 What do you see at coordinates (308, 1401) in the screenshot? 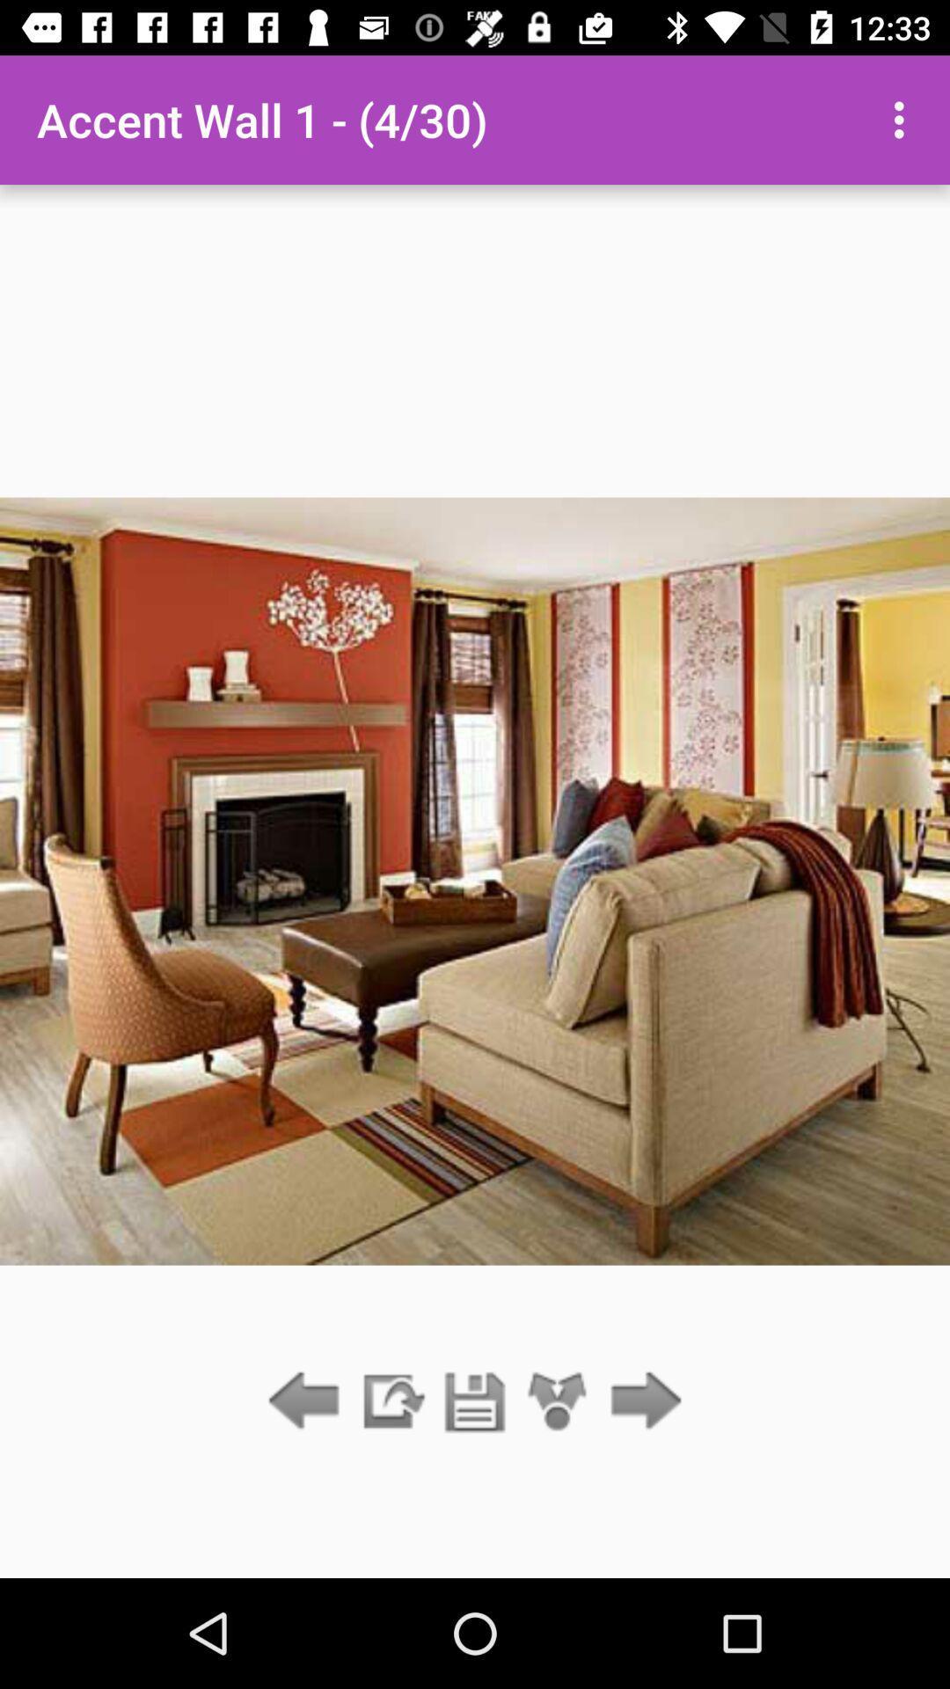
I see `the arrow_backward icon` at bounding box center [308, 1401].